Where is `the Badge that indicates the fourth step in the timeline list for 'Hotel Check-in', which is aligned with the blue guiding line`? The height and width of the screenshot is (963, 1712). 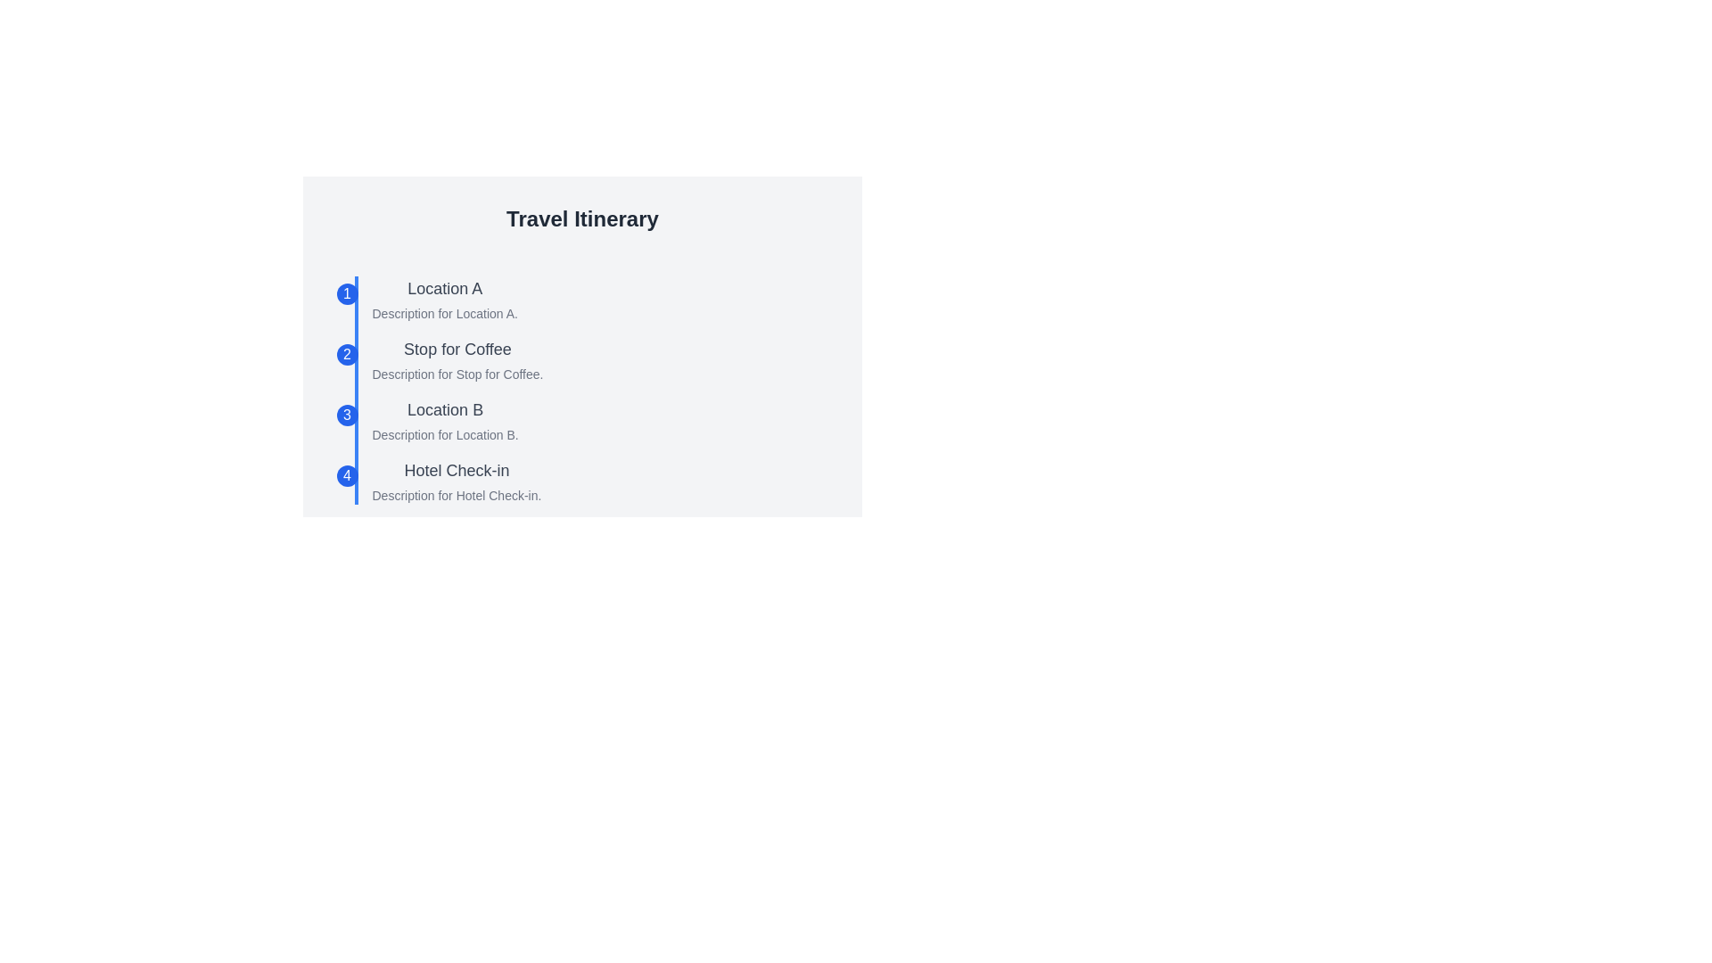 the Badge that indicates the fourth step in the timeline list for 'Hotel Check-in', which is aligned with the blue guiding line is located at coordinates (347, 474).